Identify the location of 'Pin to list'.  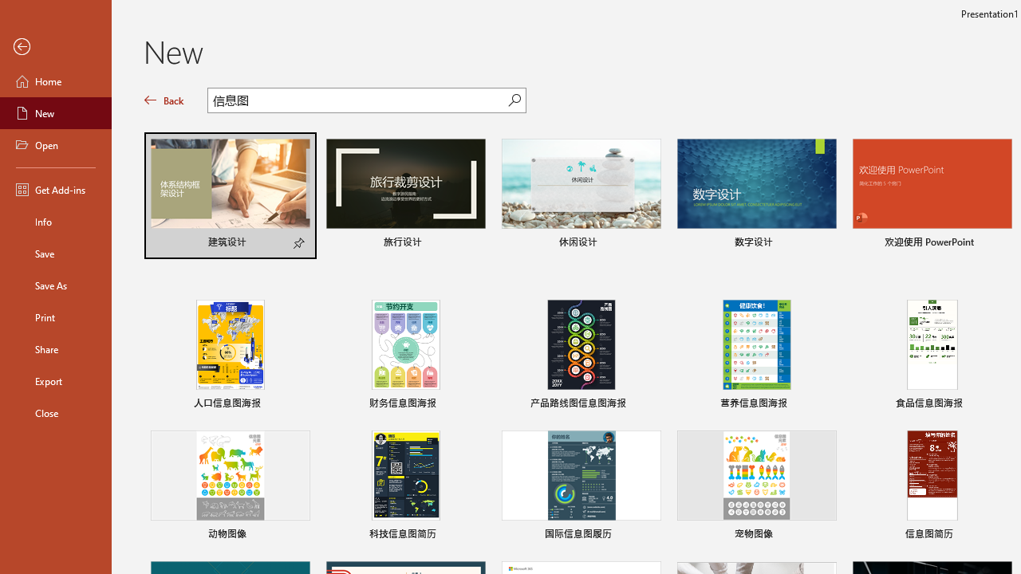
(1000, 536).